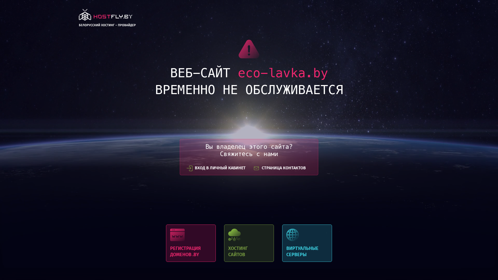  I want to click on 'LINK', so click(107, 19).